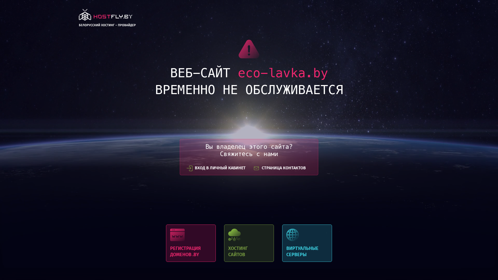  I want to click on 'LINK', so click(107, 19).